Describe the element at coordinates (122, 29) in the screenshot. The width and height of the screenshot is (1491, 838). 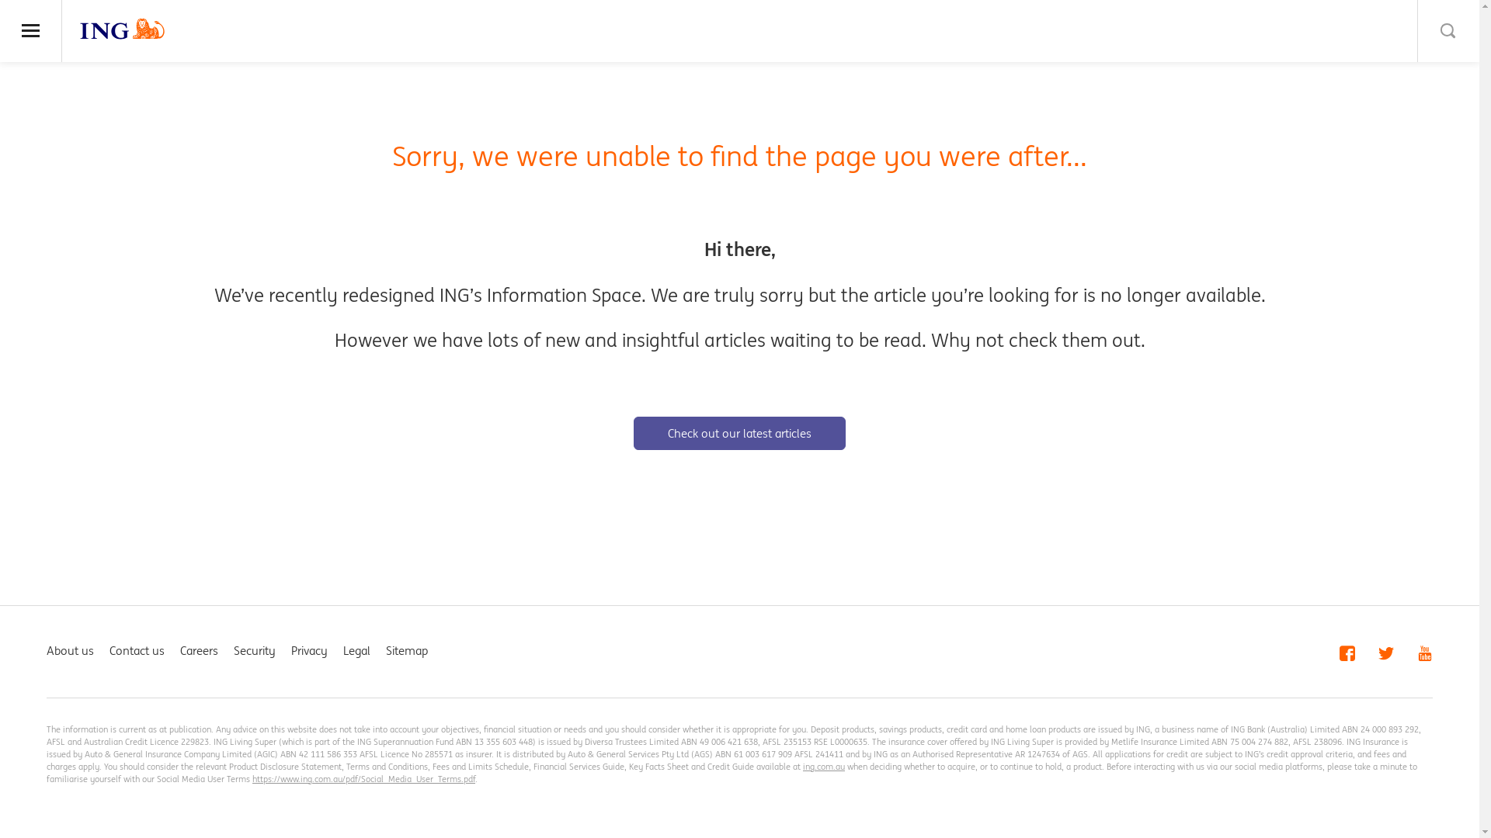
I see `'ING Blog'` at that location.